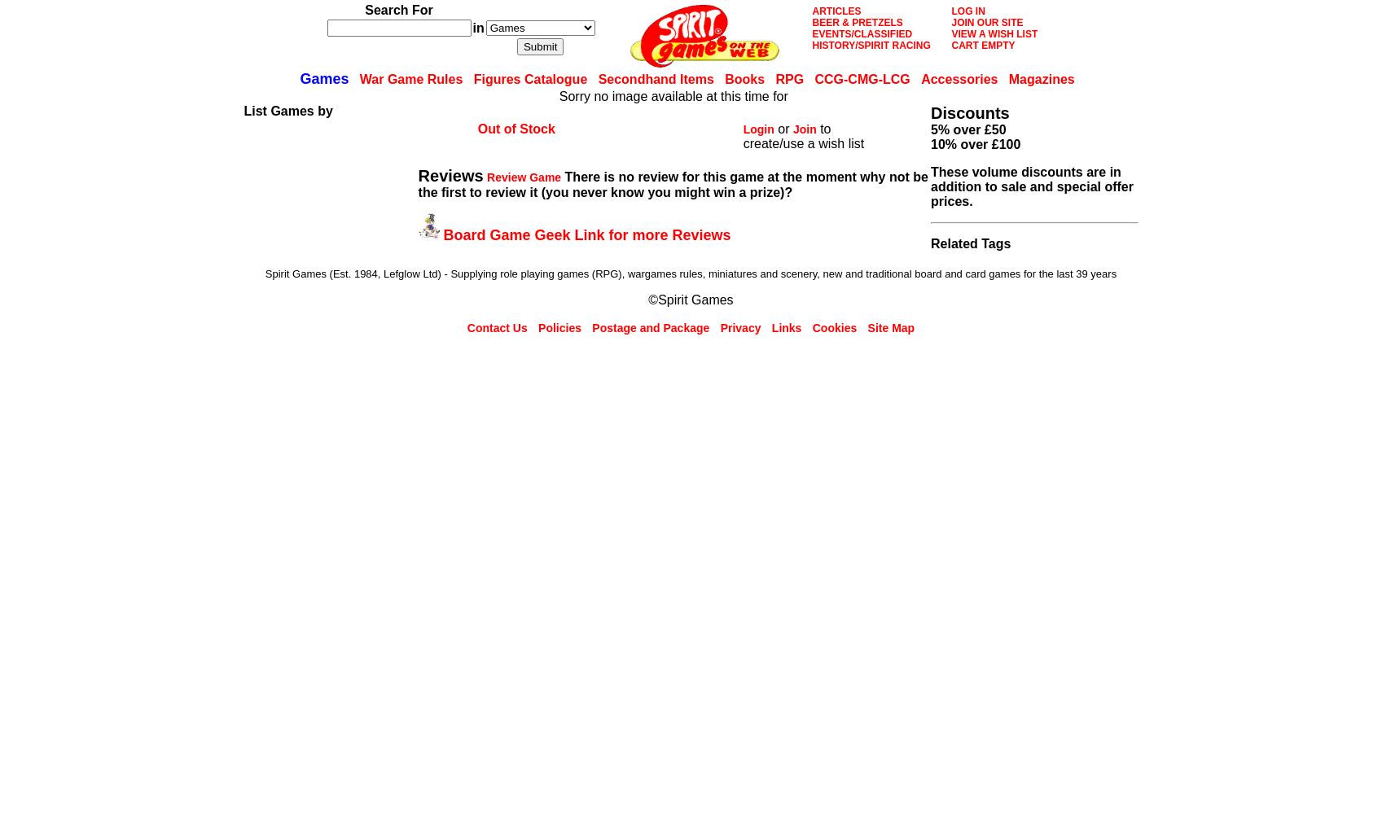 This screenshot has height=814, width=1382. What do you see at coordinates (811, 11) in the screenshot?
I see `'ARTICLES'` at bounding box center [811, 11].